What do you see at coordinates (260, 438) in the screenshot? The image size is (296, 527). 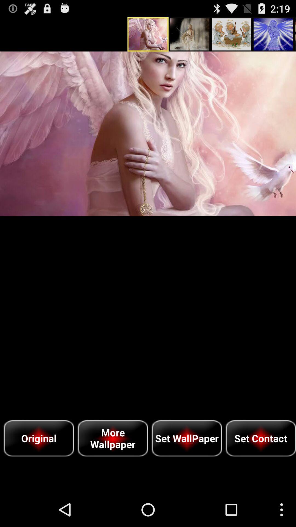 I see `set contact` at bounding box center [260, 438].